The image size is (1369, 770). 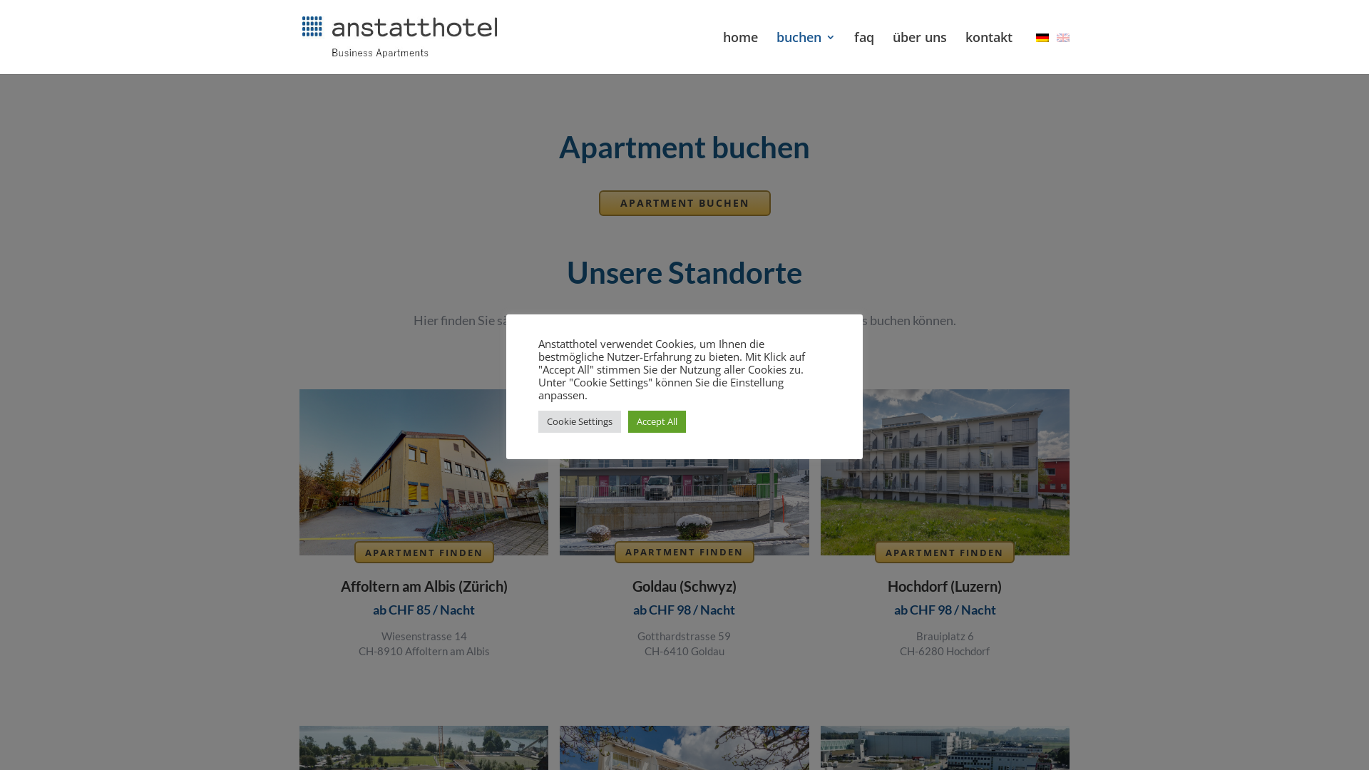 I want to click on 'Accept All', so click(x=656, y=421).